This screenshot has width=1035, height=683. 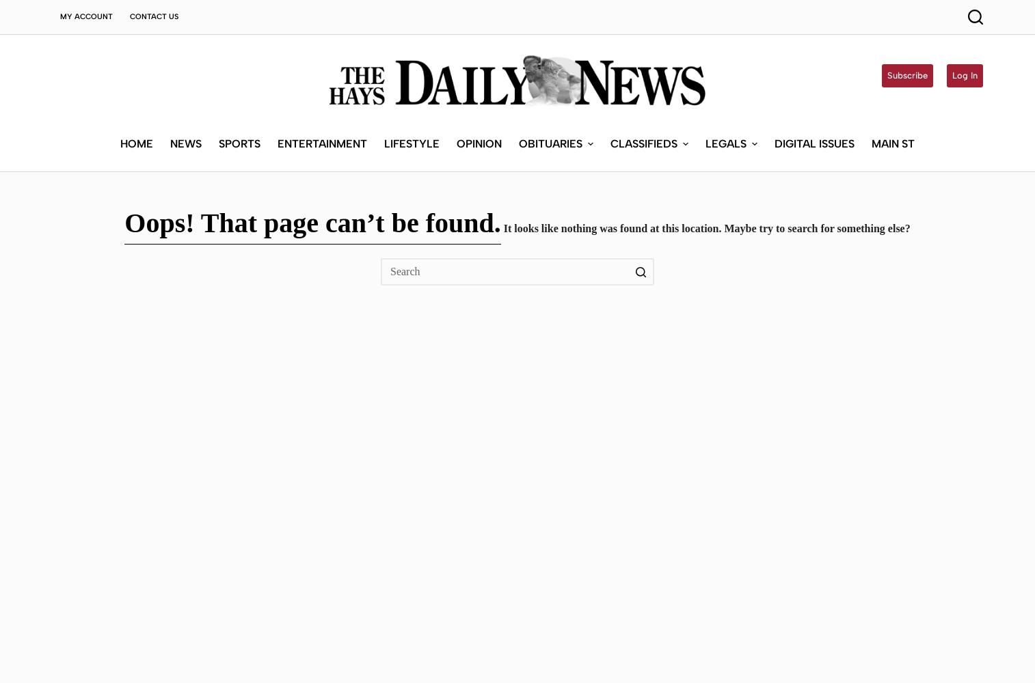 What do you see at coordinates (907, 74) in the screenshot?
I see `'Subscribe'` at bounding box center [907, 74].